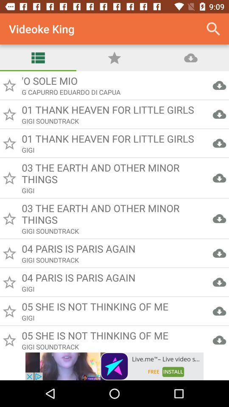 The width and height of the screenshot is (229, 407). What do you see at coordinates (114, 366) in the screenshot?
I see `click on the advertisement` at bounding box center [114, 366].